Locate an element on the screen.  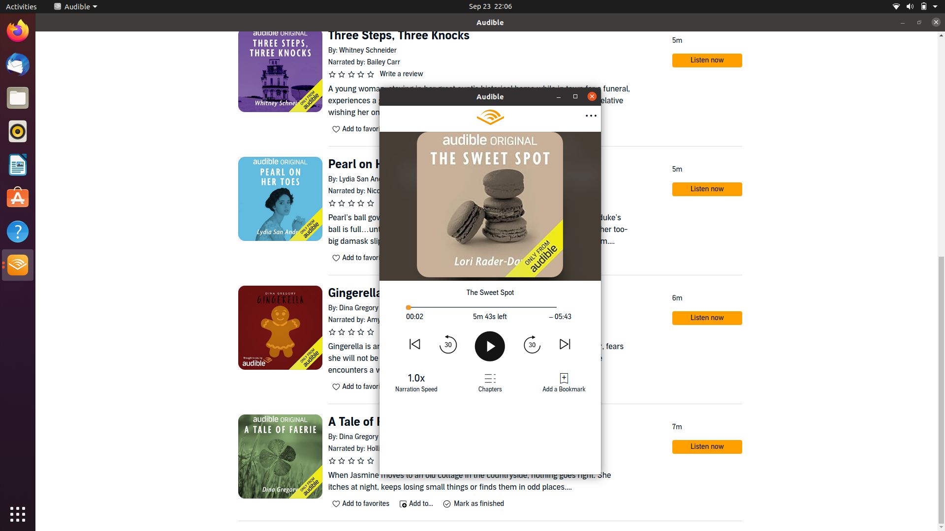
the book"s center is located at coordinates (489, 307).